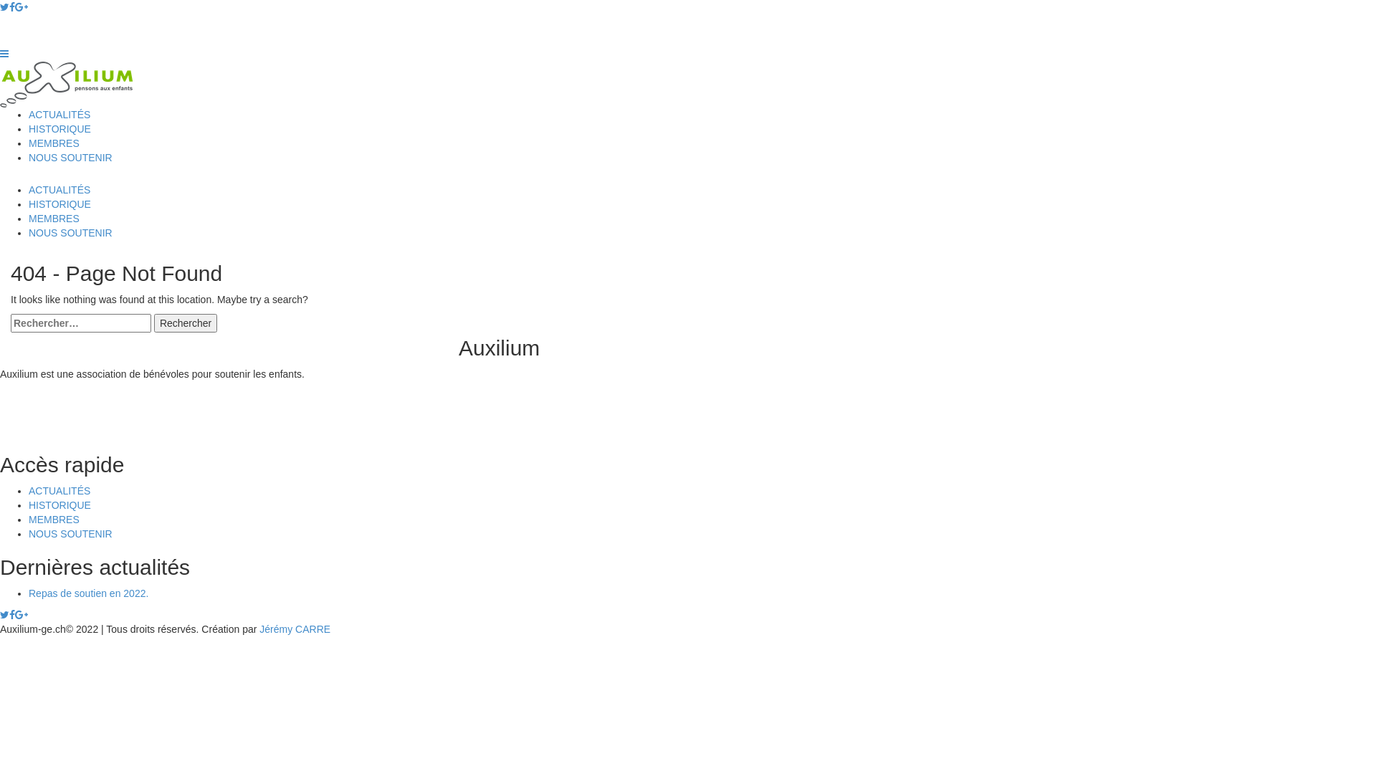 The image size is (1376, 774). What do you see at coordinates (70, 533) in the screenshot?
I see `'NOUS SOUTENIR'` at bounding box center [70, 533].